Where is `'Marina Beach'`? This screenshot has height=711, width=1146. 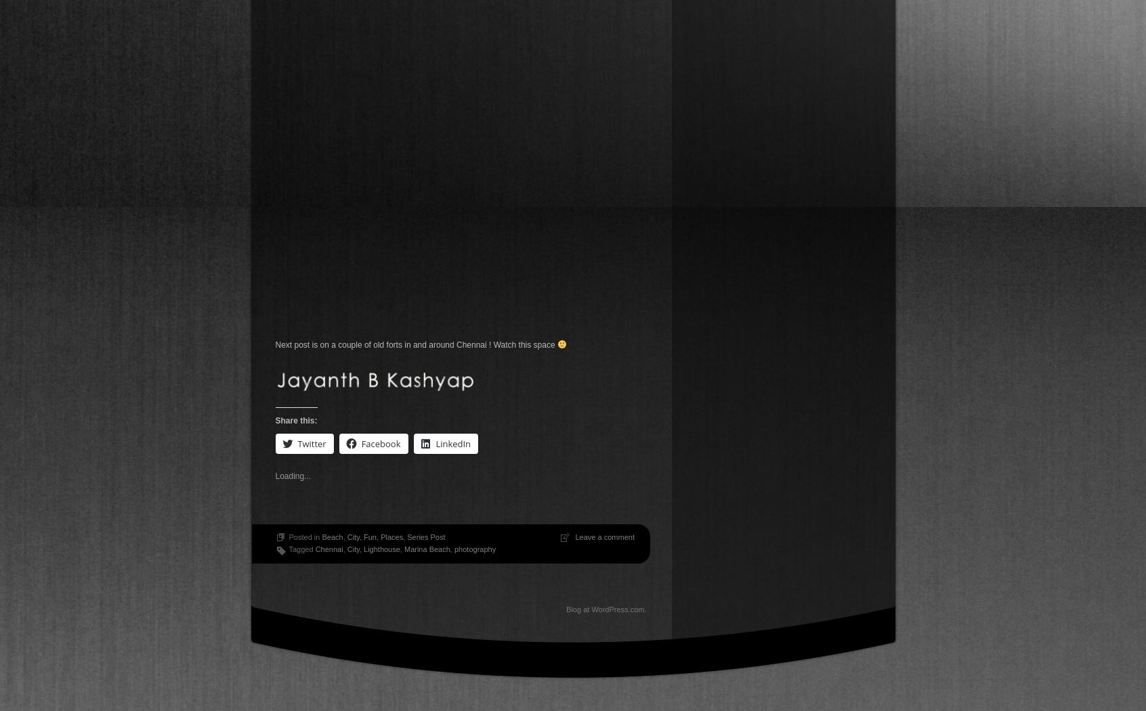 'Marina Beach' is located at coordinates (425, 549).